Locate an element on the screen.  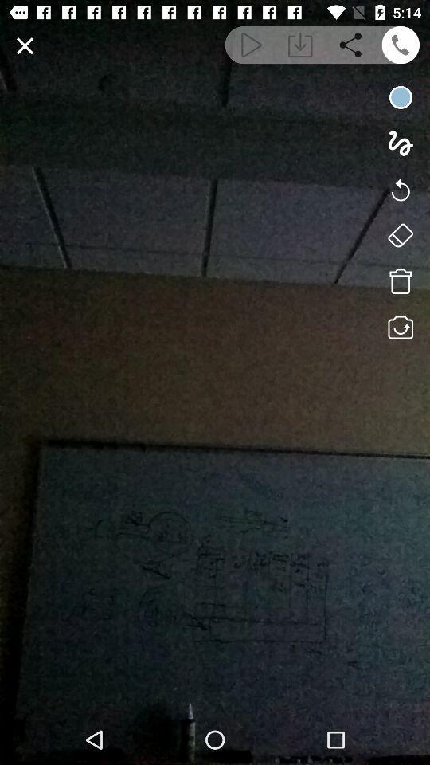
portrait option is located at coordinates (400, 234).